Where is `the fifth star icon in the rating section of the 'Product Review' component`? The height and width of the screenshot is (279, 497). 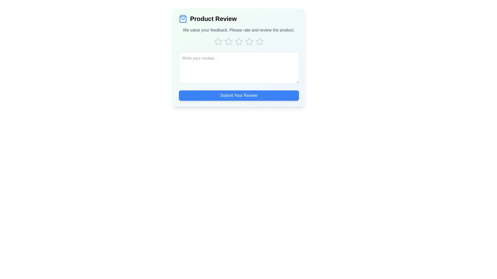 the fifth star icon in the rating section of the 'Product Review' component is located at coordinates (259, 41).